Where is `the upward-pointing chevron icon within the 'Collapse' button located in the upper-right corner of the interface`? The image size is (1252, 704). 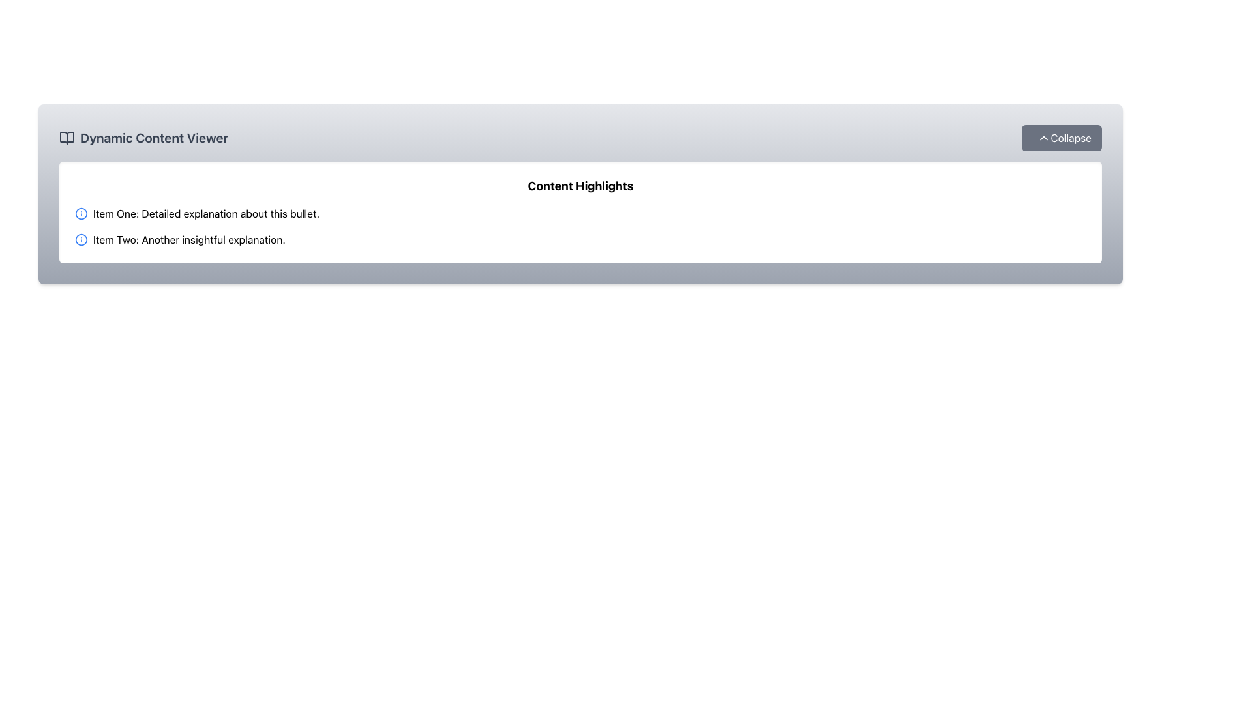
the upward-pointing chevron icon within the 'Collapse' button located in the upper-right corner of the interface is located at coordinates (1044, 138).